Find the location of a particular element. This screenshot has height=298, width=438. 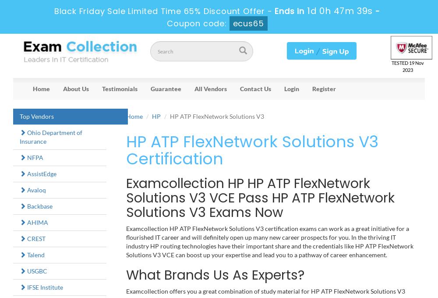

'HP ATP FlexNetwork Solutions V3' is located at coordinates (216, 115).